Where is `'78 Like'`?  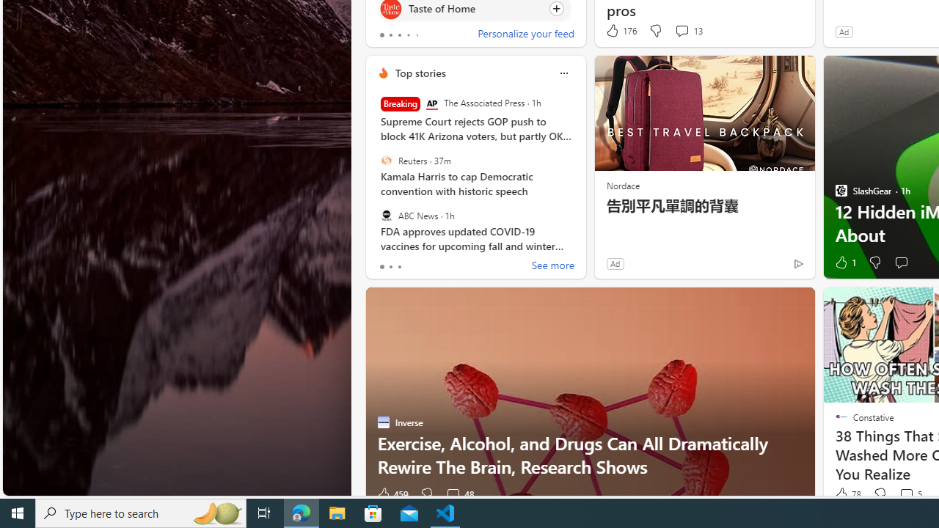 '78 Like' is located at coordinates (847, 494).